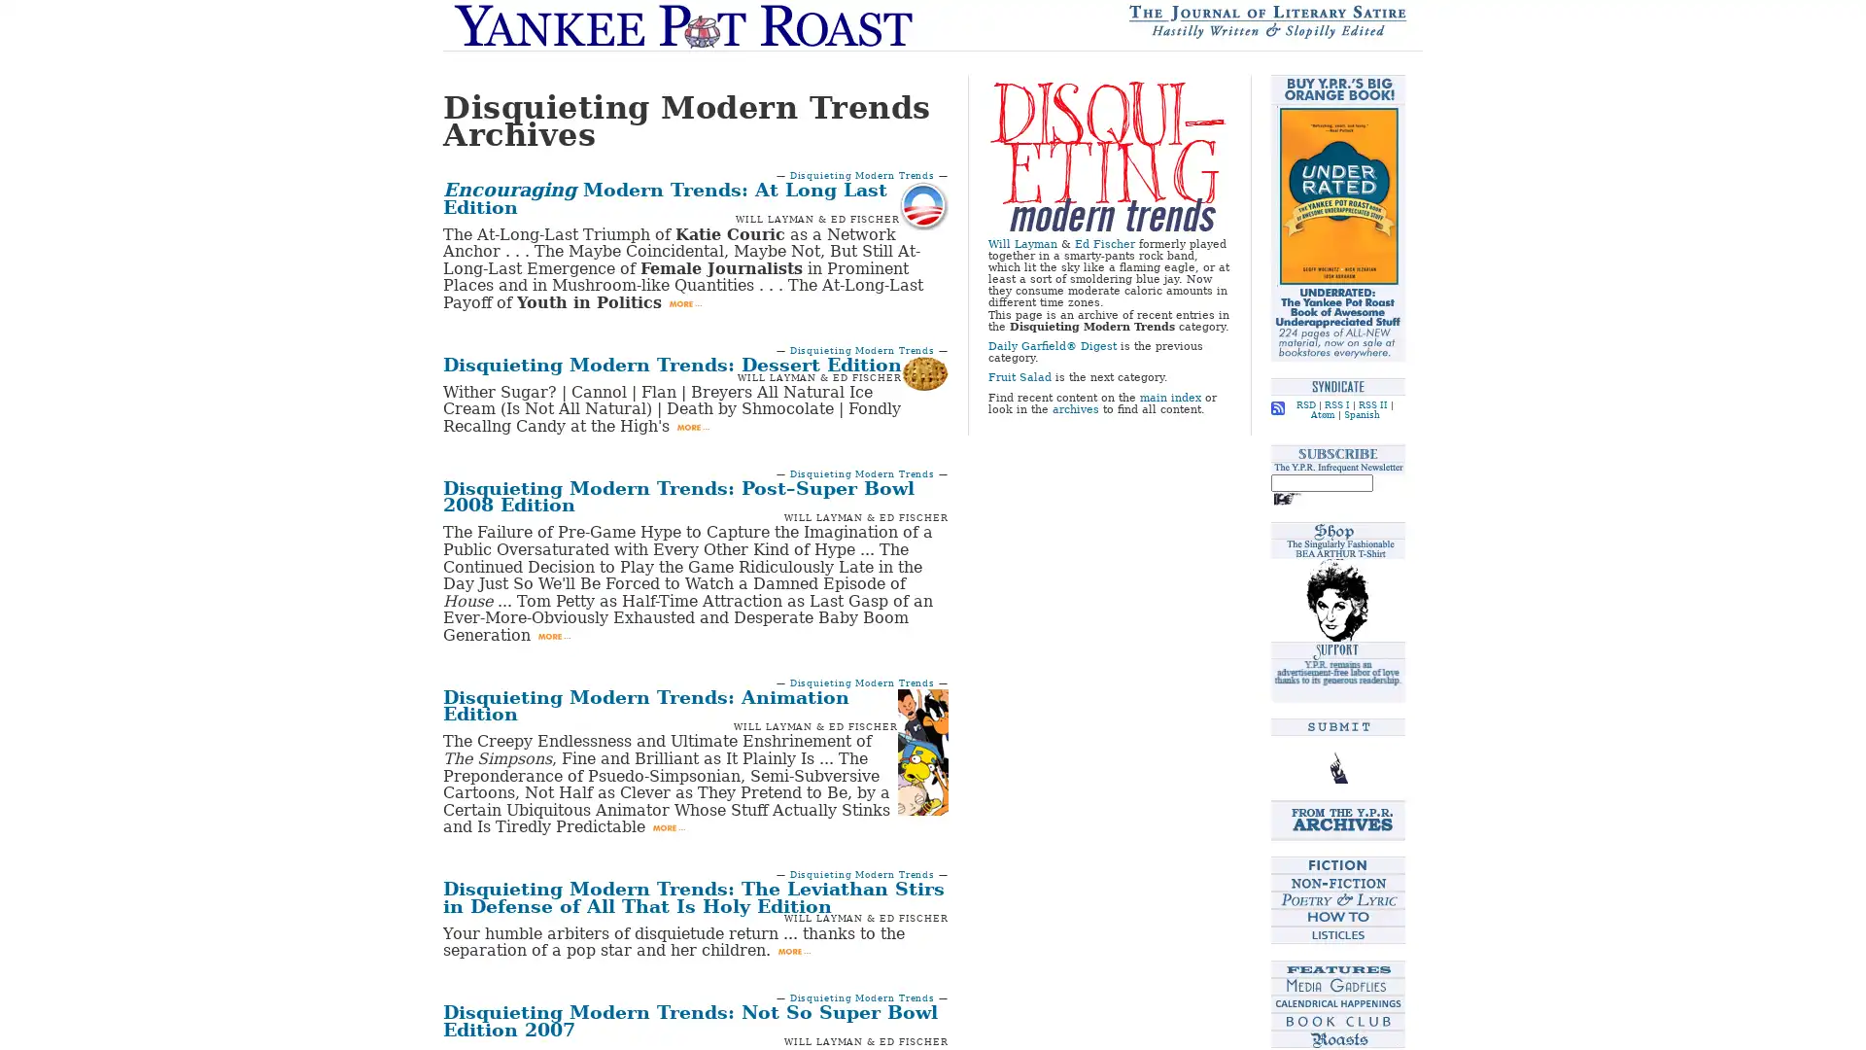 This screenshot has height=1050, width=1866. Describe the element at coordinates (1287, 498) in the screenshot. I see `Onward!` at that location.